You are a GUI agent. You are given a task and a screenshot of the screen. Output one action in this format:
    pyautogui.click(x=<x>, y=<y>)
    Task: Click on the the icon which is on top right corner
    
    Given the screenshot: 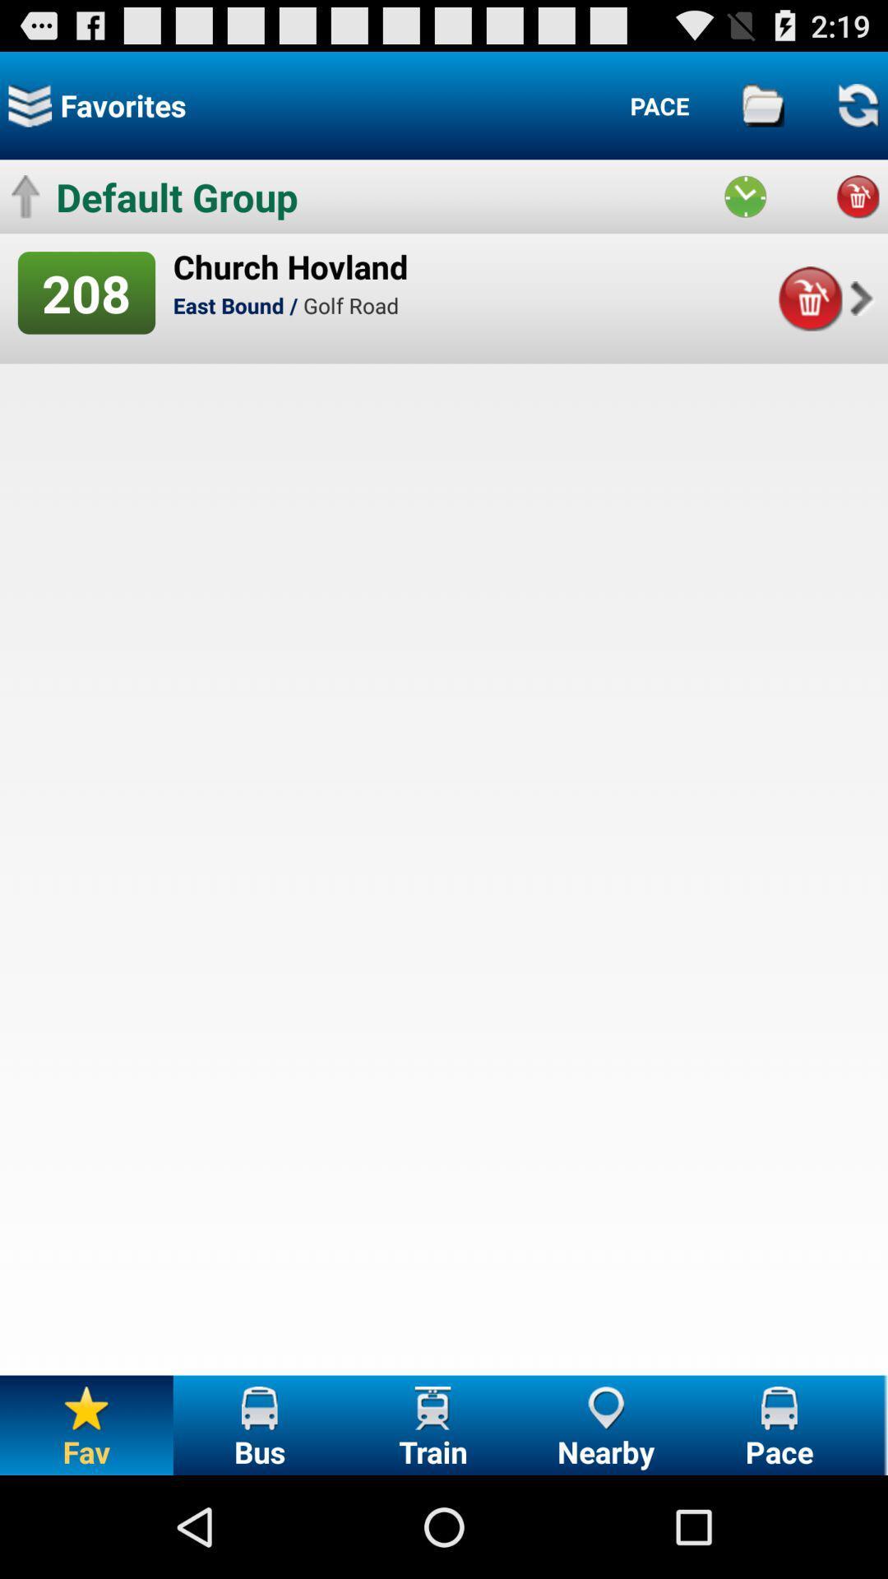 What is the action you would take?
    pyautogui.click(x=857, y=104)
    